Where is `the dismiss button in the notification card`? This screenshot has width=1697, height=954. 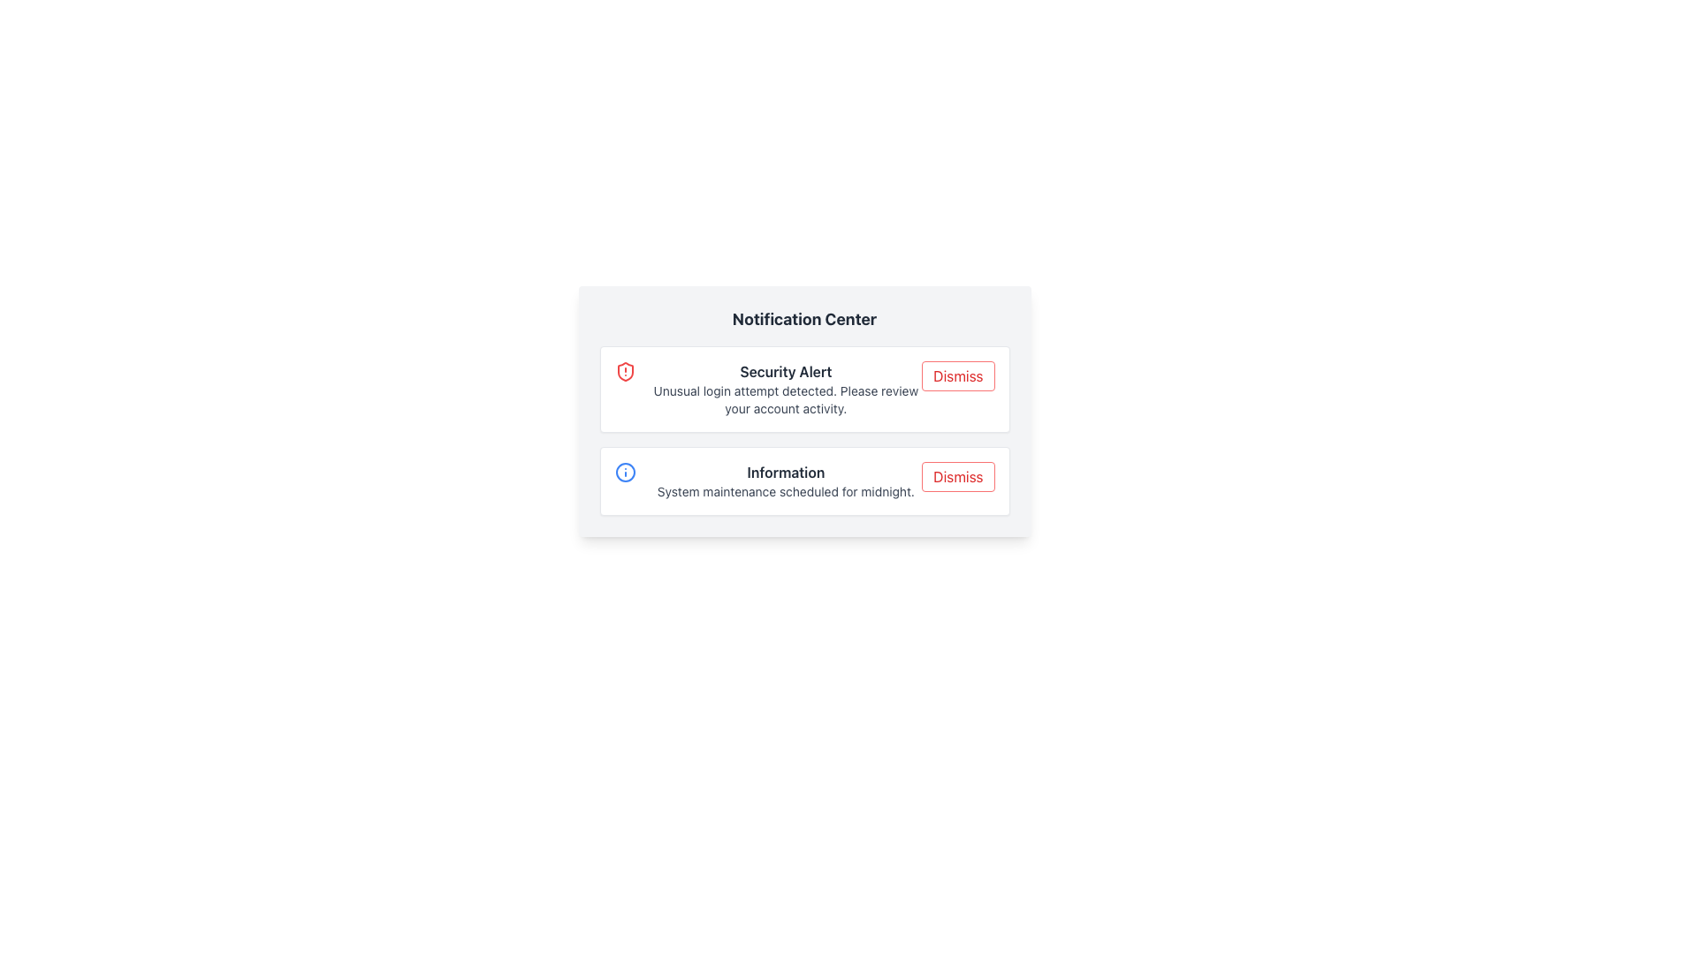
the dismiss button in the notification card is located at coordinates (957, 477).